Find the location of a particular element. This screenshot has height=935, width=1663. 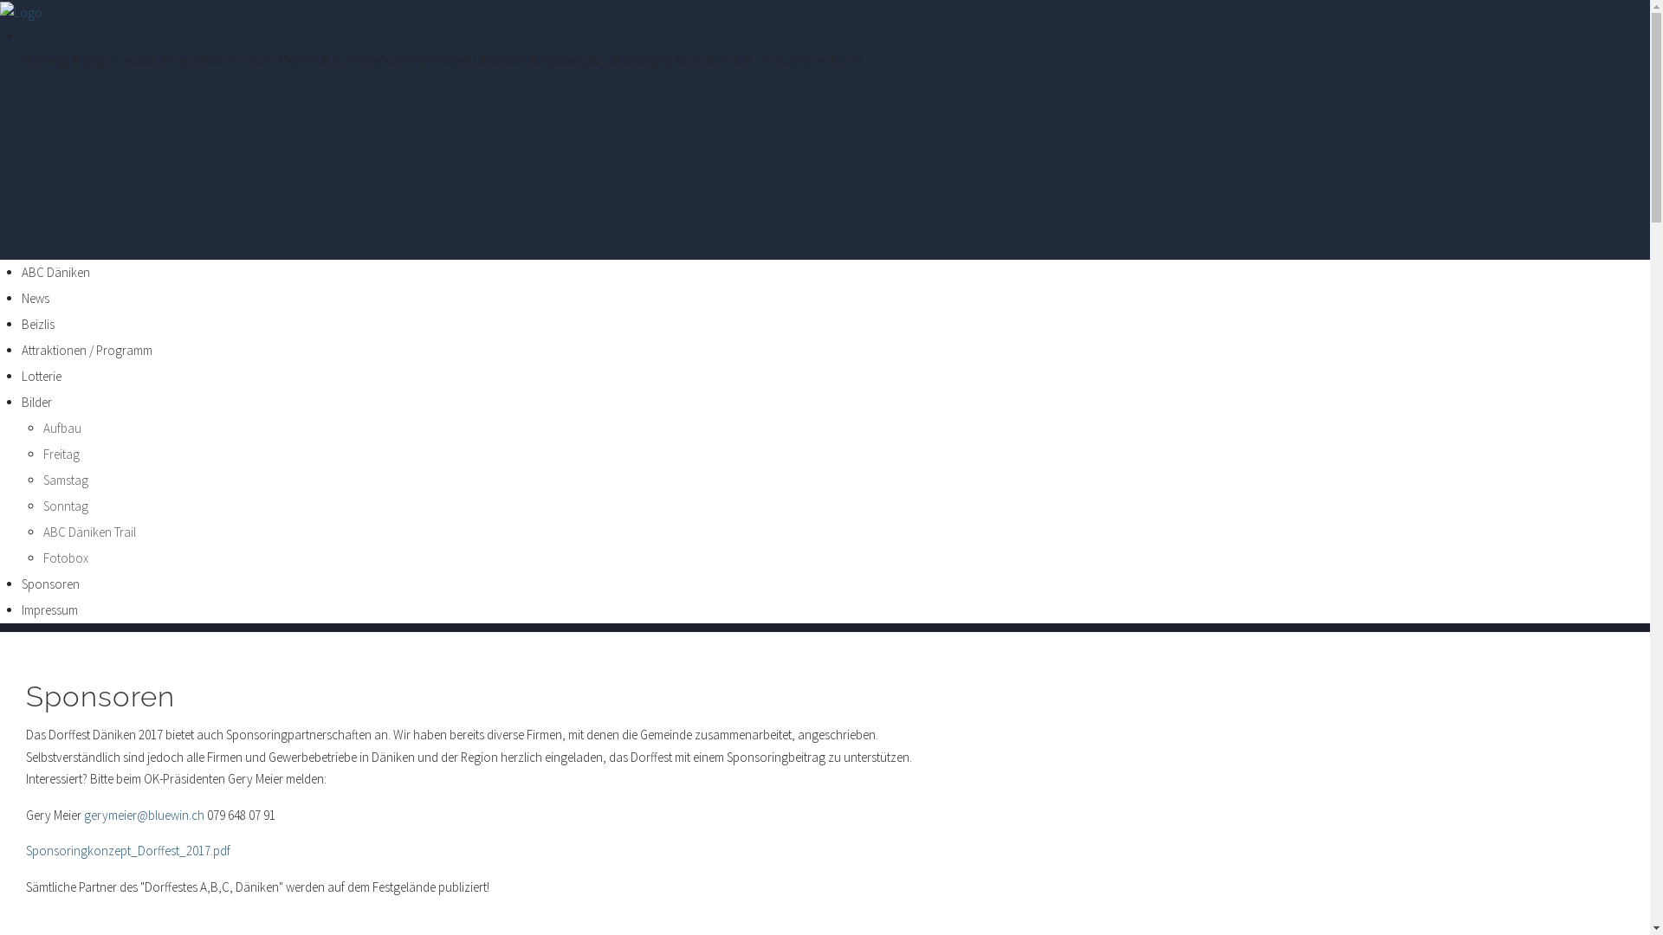

'Bilder' is located at coordinates (36, 402).